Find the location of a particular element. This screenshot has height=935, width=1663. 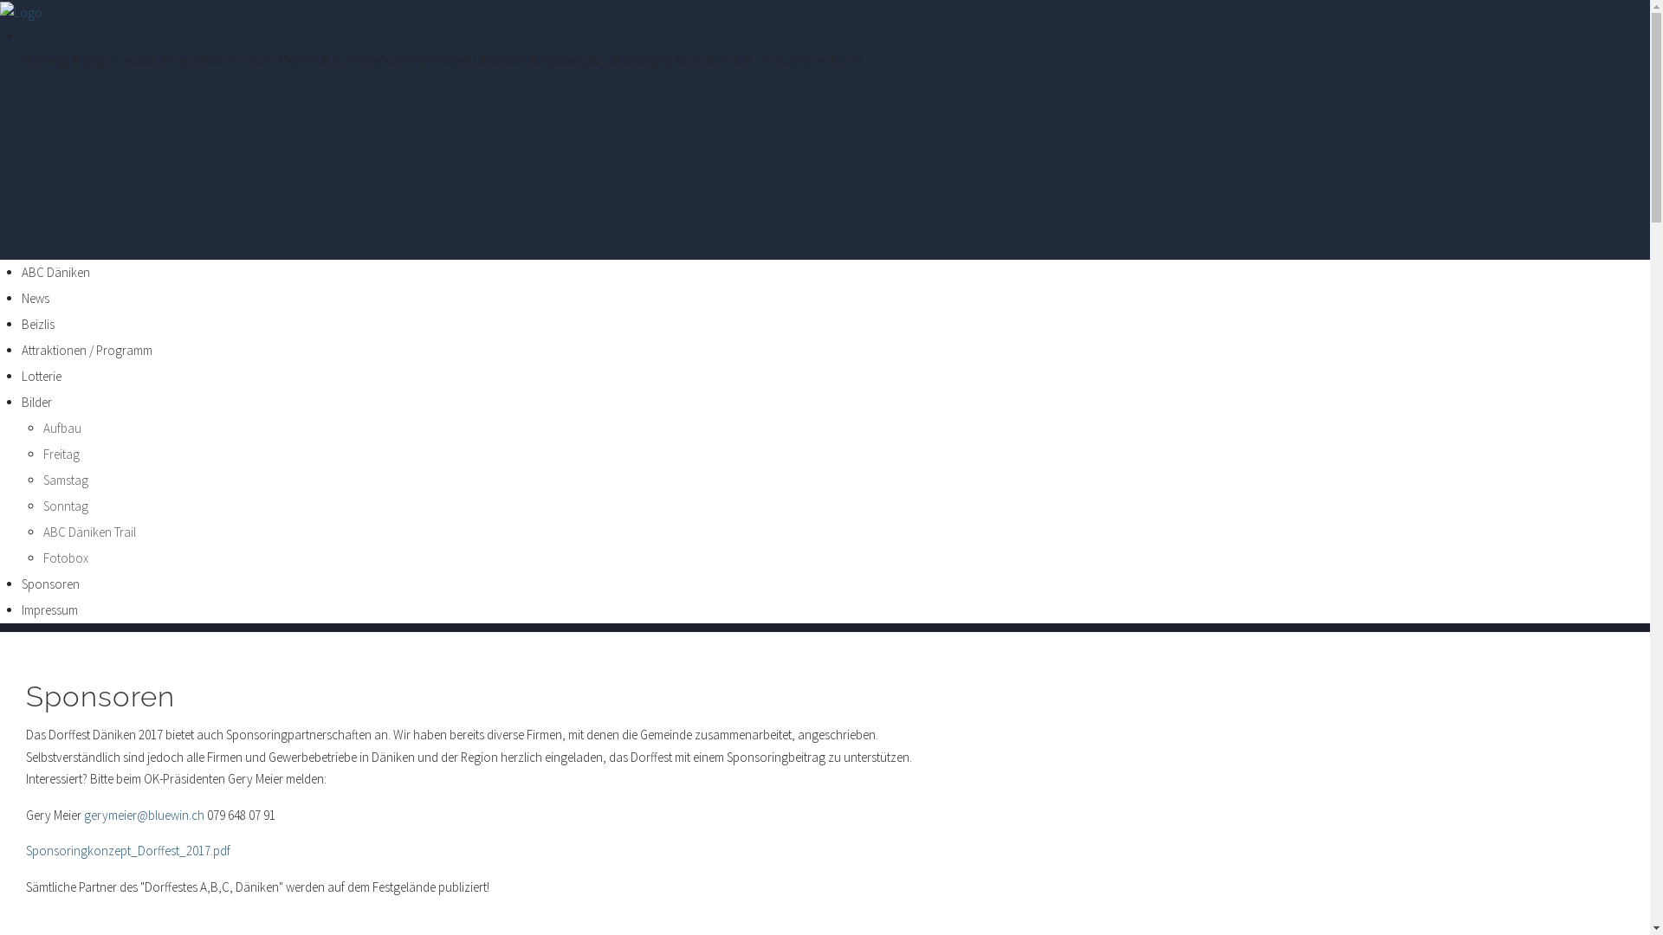

'Bilder' is located at coordinates (36, 402).